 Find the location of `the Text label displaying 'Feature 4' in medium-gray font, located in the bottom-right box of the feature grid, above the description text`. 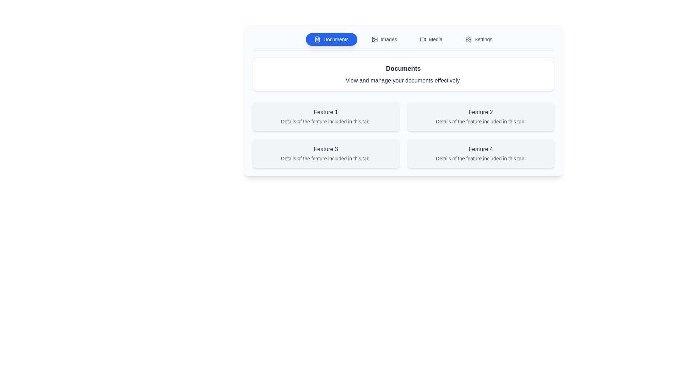

the Text label displaying 'Feature 4' in medium-gray font, located in the bottom-right box of the feature grid, above the description text is located at coordinates (481, 149).